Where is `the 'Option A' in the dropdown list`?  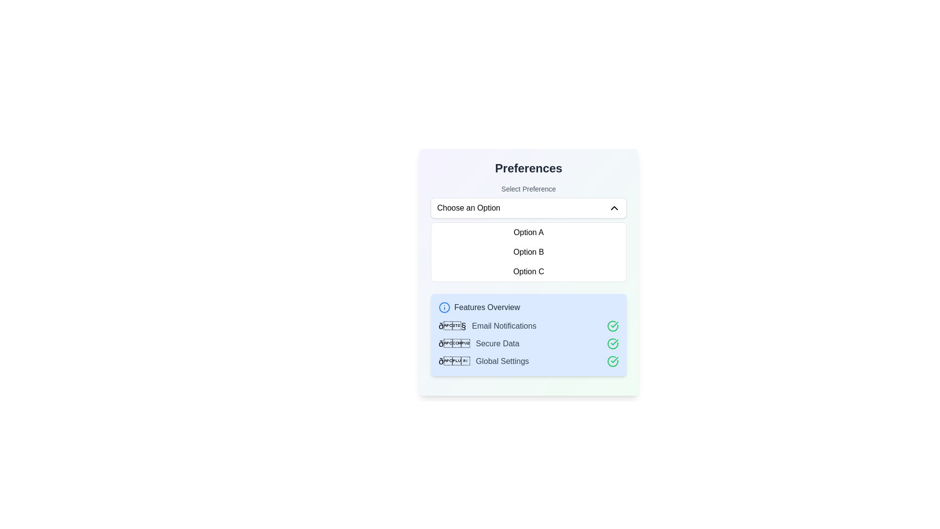
the 'Option A' in the dropdown list is located at coordinates (528, 232).